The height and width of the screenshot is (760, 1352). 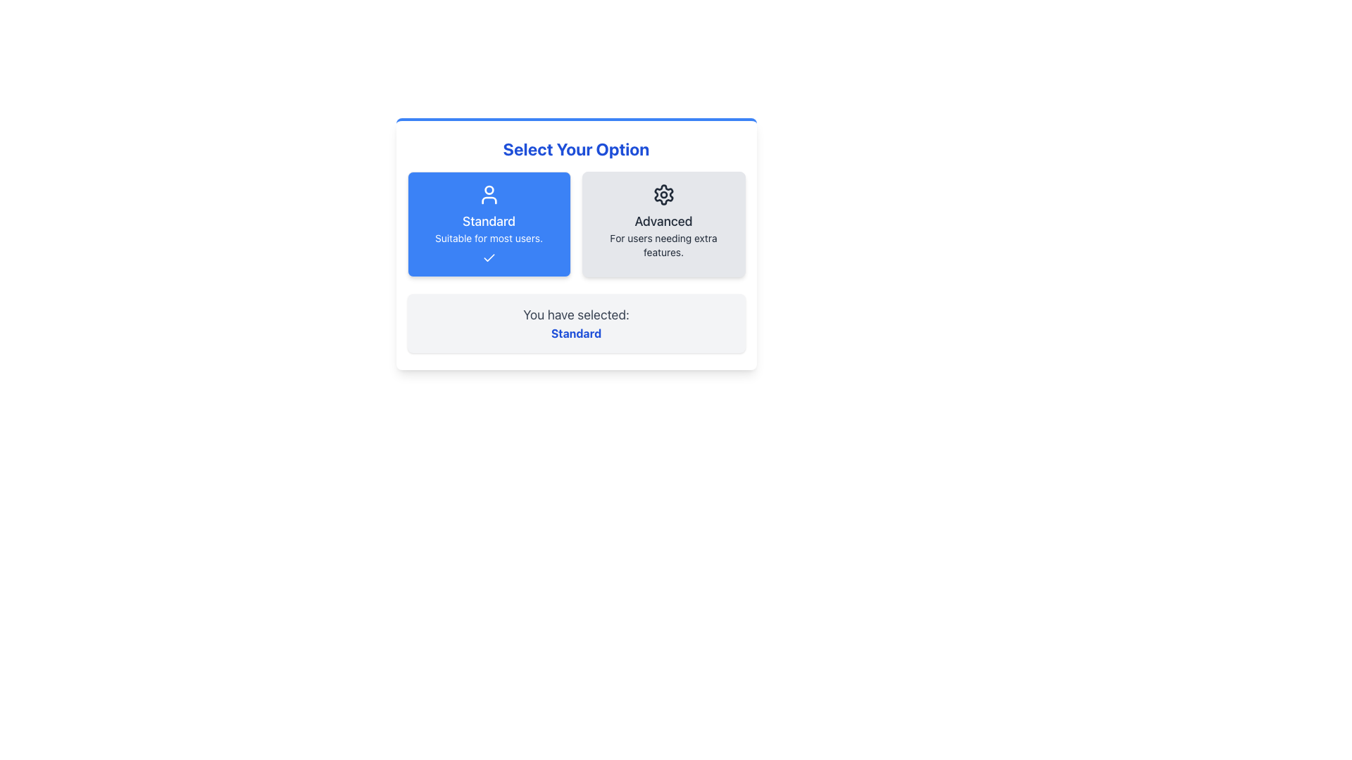 I want to click on the 'Standard' text element, which is styled in a medium-weight font on a blue background, located in the left card of a two-option section at the top center of the interface, so click(x=489, y=222).